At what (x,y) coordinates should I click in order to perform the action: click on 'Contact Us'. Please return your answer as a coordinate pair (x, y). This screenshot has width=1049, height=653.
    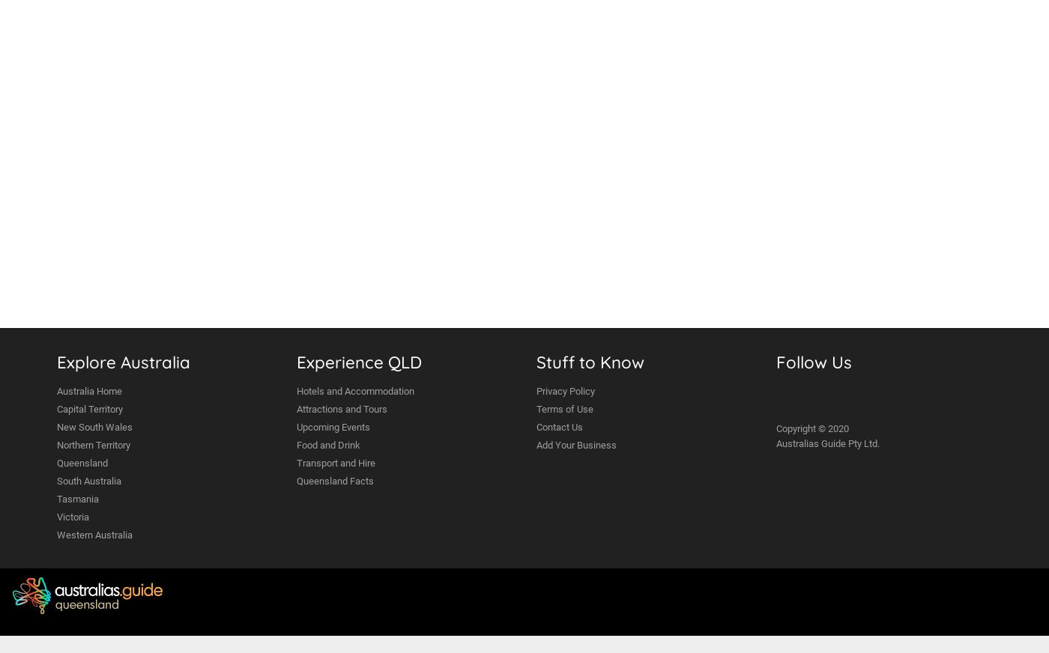
    Looking at the image, I should click on (560, 427).